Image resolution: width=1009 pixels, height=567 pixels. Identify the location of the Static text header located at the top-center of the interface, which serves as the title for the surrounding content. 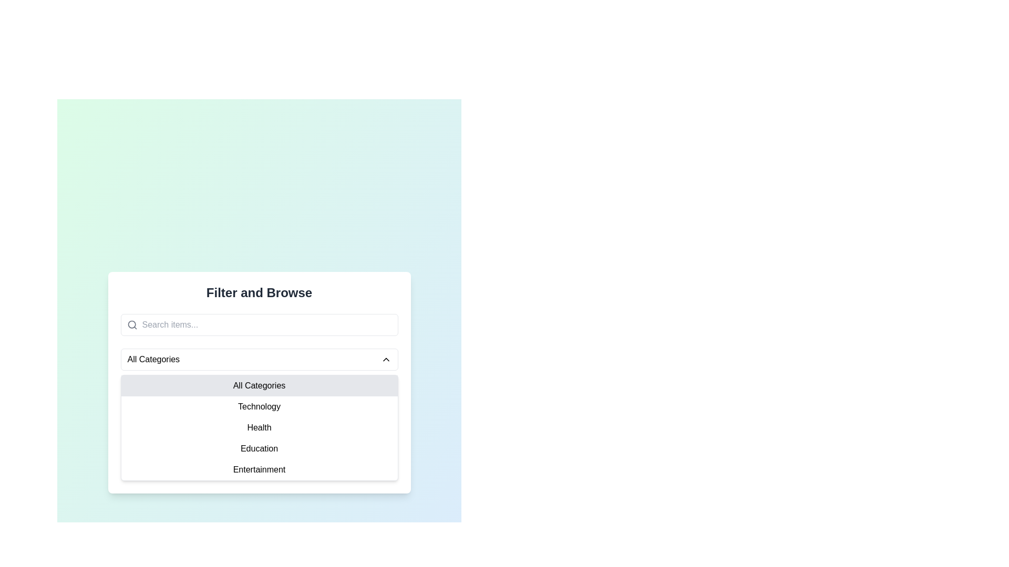
(259, 293).